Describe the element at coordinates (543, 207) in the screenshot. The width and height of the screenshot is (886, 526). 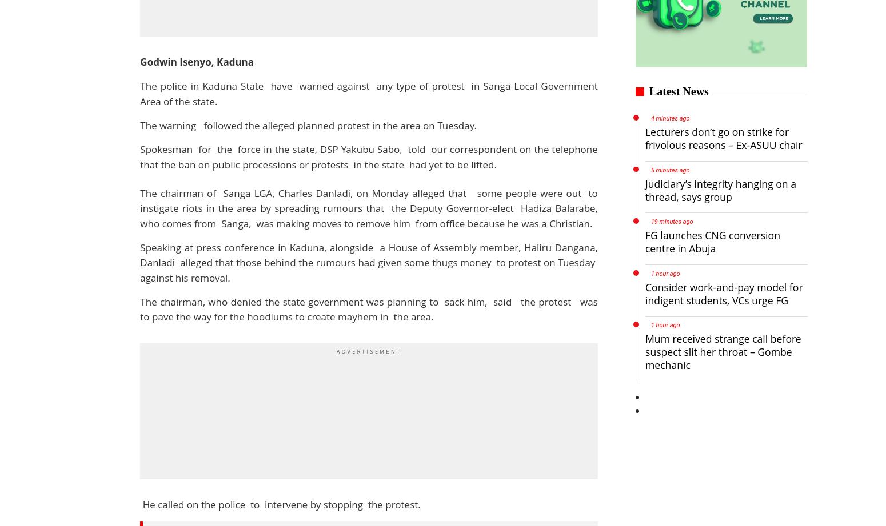
I see `'Presidential yacht delivered before public outcry, says Ndume'` at that location.